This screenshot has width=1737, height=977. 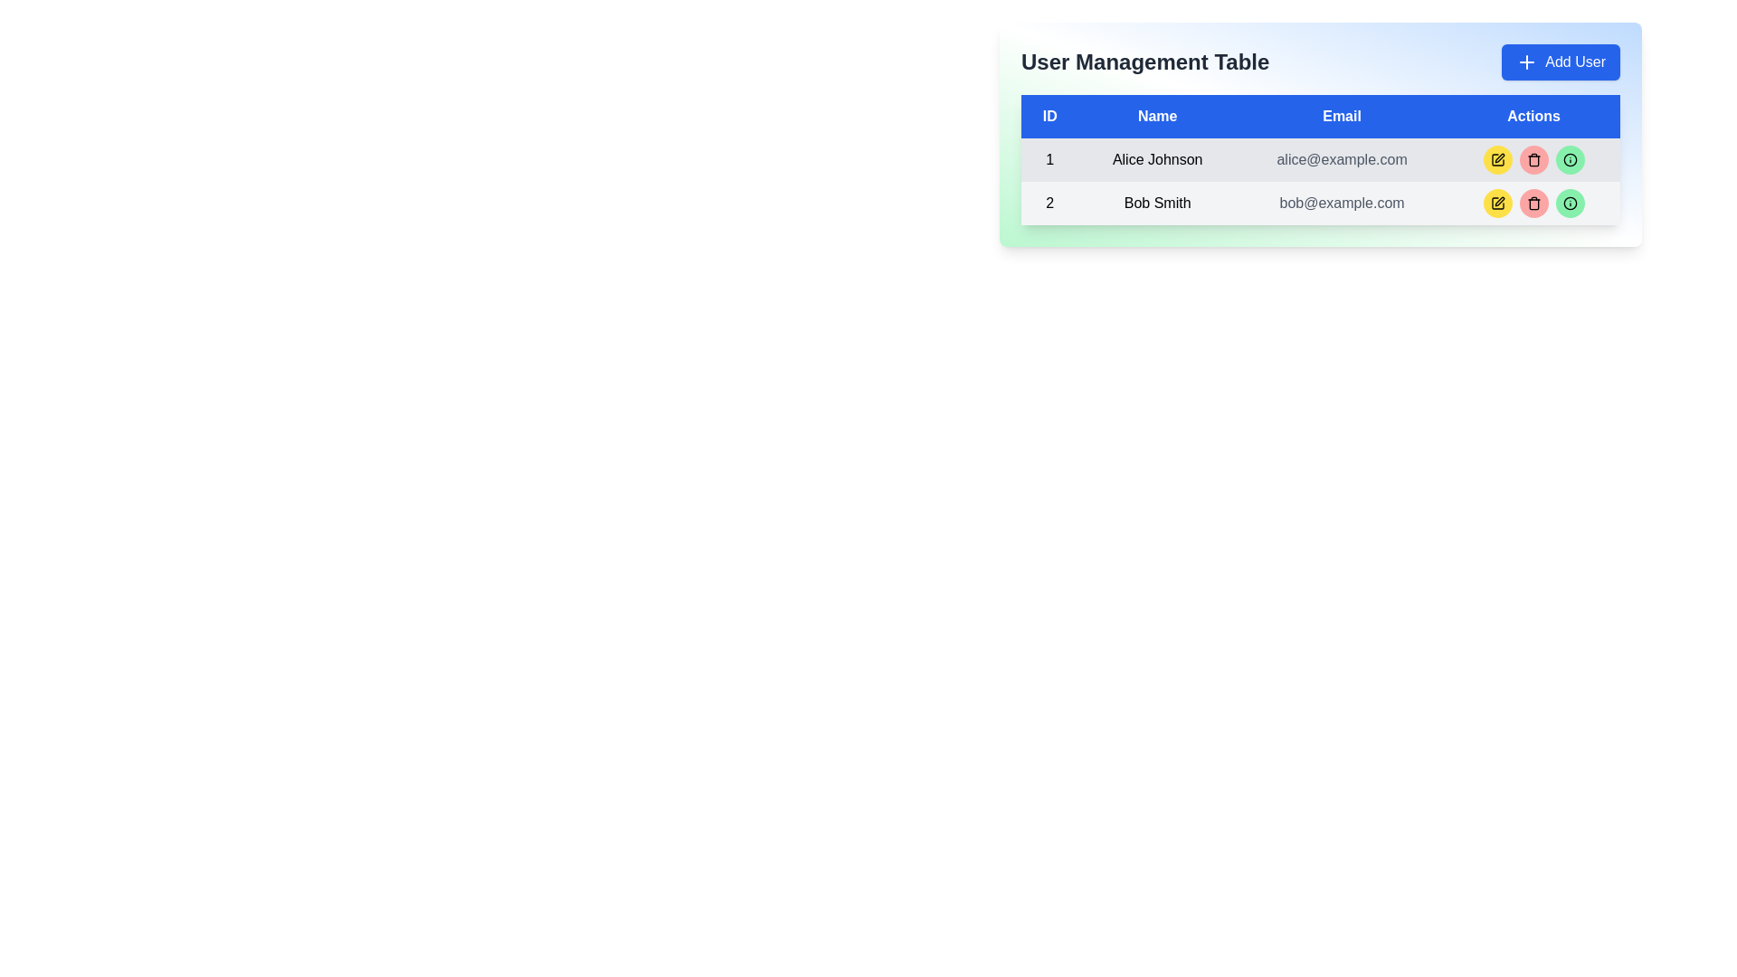 I want to click on the edit button with an icon located in the 'Actions' column of the first row in the user management table, so click(x=1497, y=159).